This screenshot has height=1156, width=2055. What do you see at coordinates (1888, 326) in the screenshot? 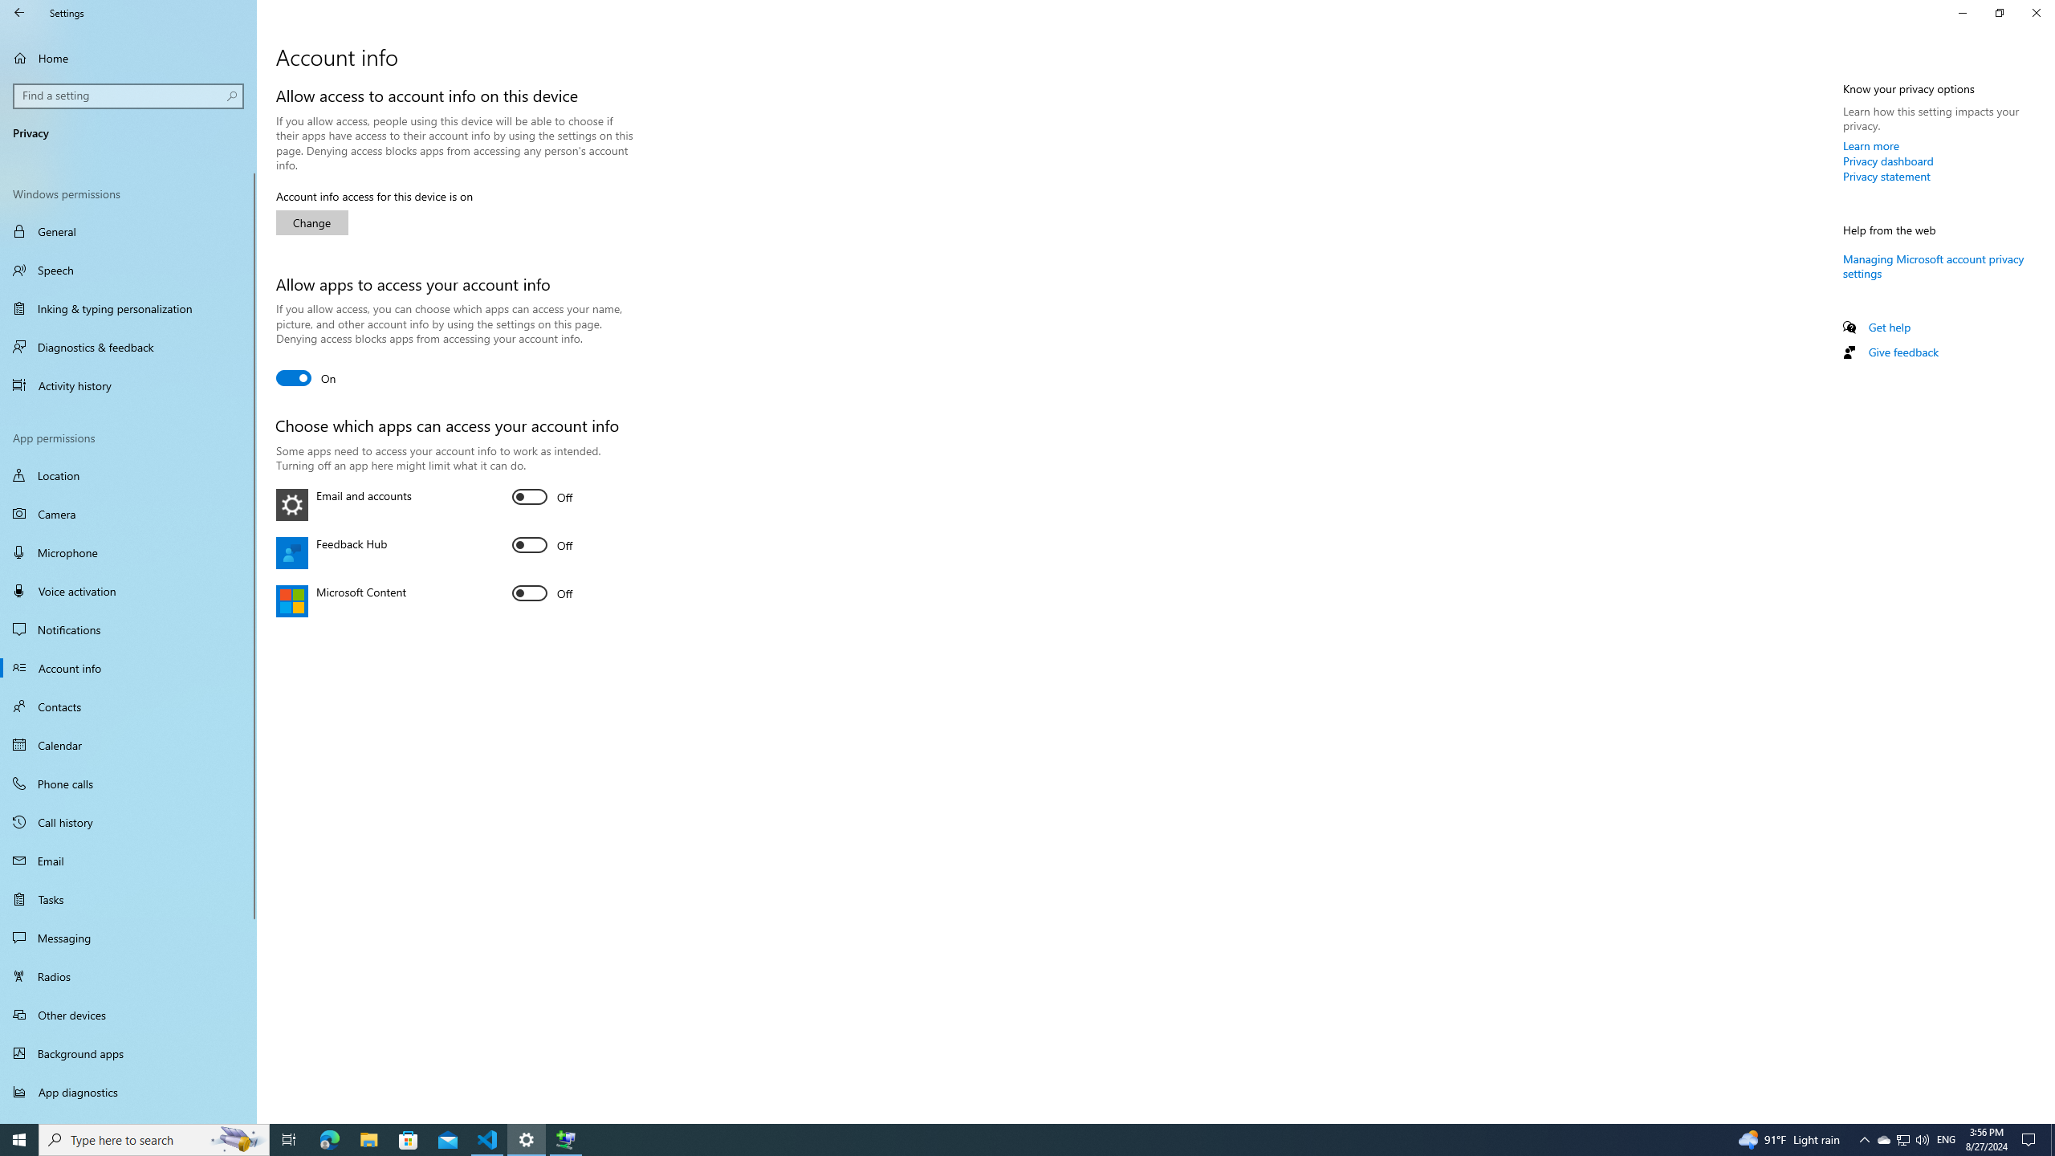
I see `'Get help'` at bounding box center [1888, 326].